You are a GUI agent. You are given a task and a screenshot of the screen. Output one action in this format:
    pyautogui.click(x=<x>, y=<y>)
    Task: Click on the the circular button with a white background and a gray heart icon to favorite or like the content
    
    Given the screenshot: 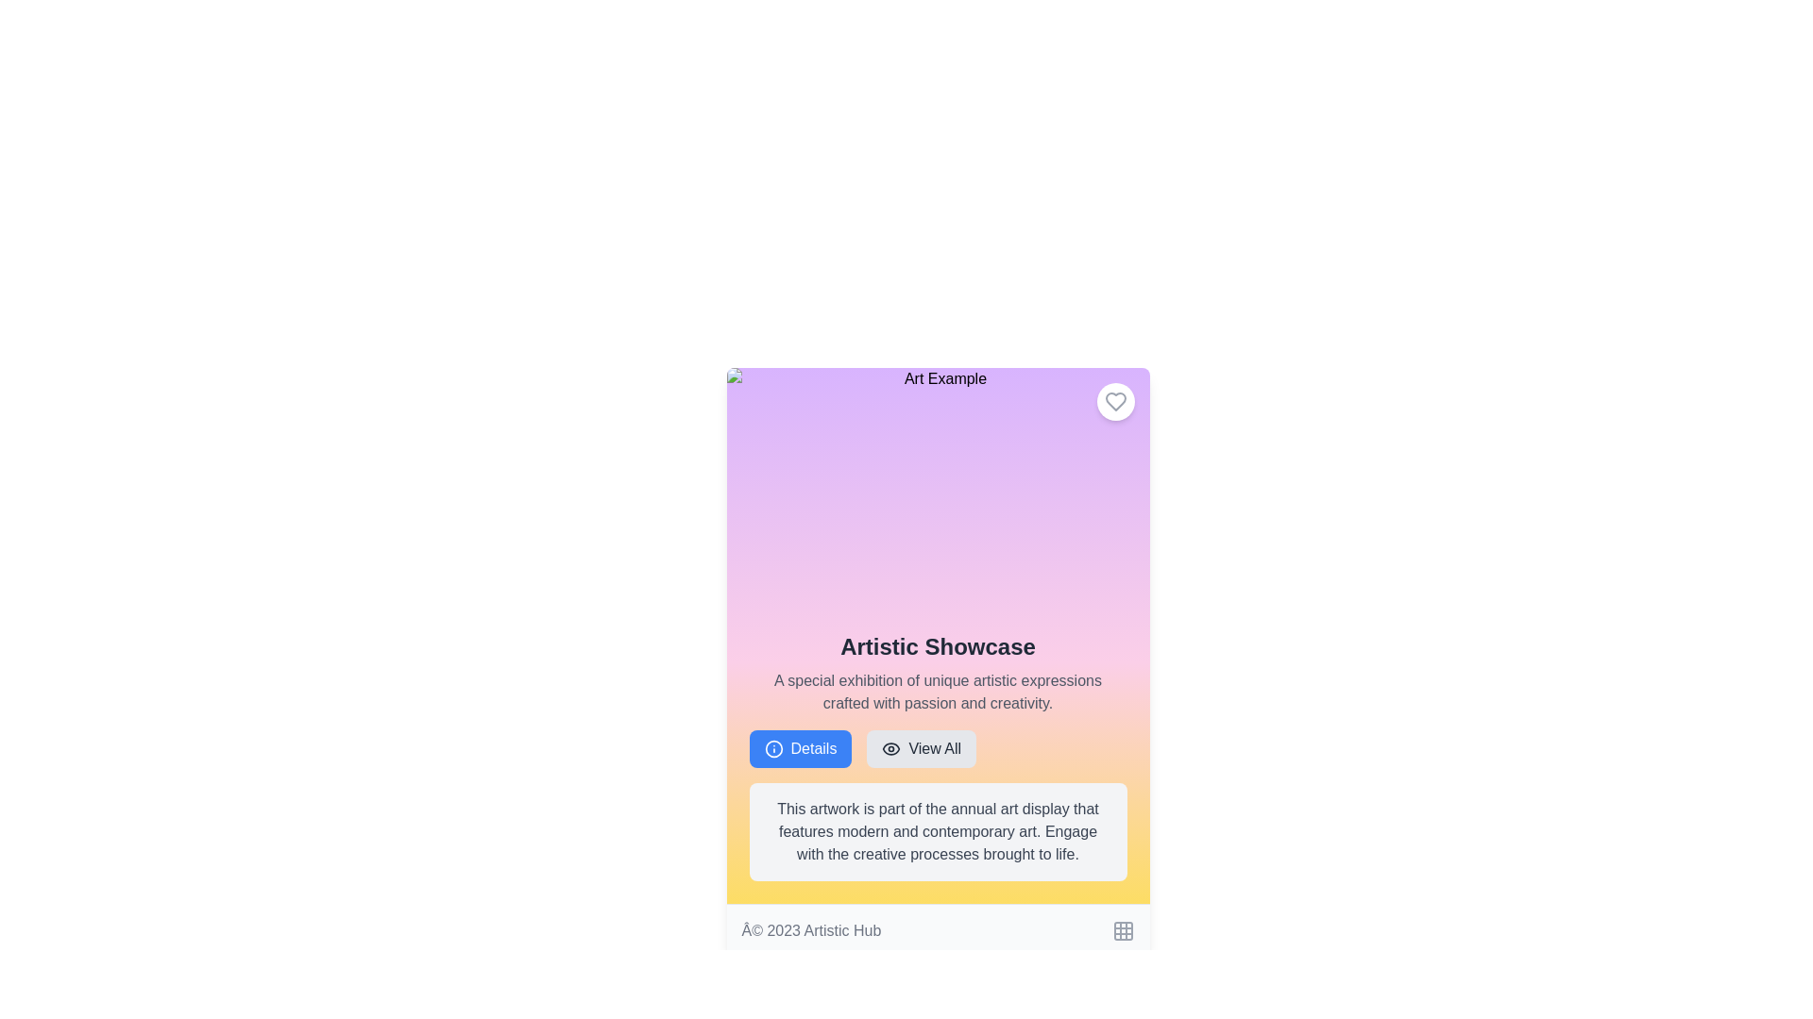 What is the action you would take?
    pyautogui.click(x=1115, y=400)
    